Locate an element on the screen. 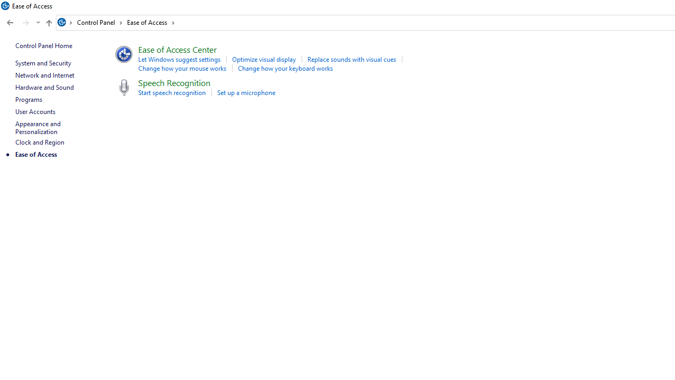 Image resolution: width=675 pixels, height=380 pixels. 'System and Security' is located at coordinates (42, 63).